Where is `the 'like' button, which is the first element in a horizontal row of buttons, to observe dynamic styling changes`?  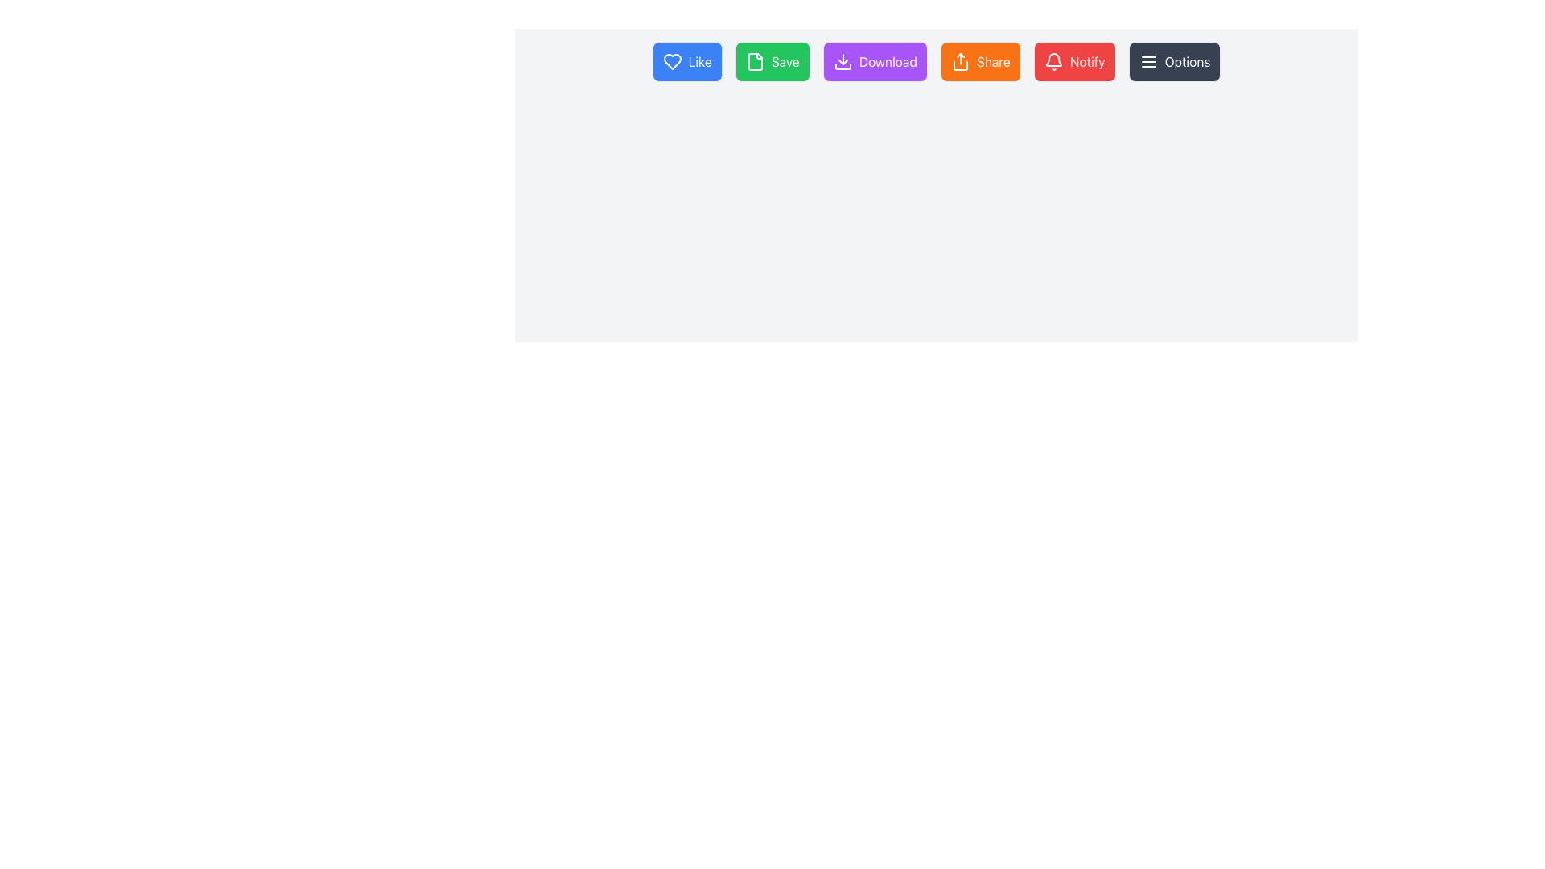 the 'like' button, which is the first element in a horizontal row of buttons, to observe dynamic styling changes is located at coordinates (687, 61).